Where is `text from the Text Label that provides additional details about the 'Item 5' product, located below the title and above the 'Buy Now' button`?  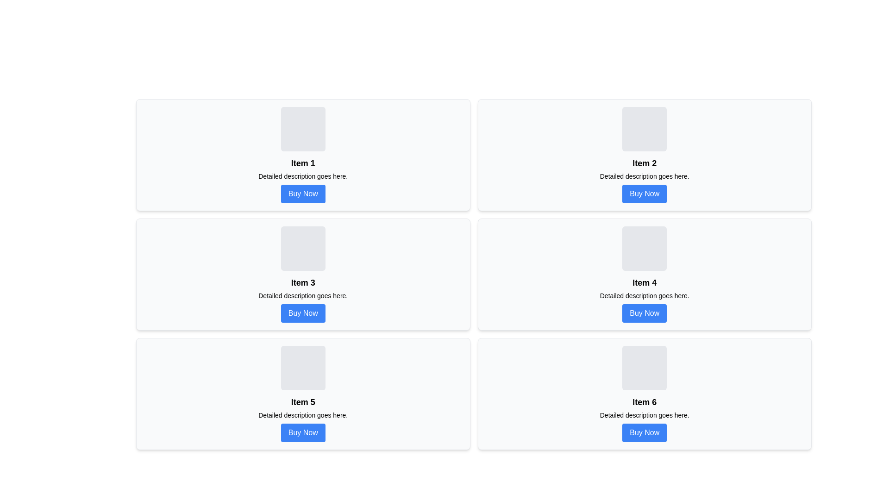
text from the Text Label that provides additional details about the 'Item 5' product, located below the title and above the 'Buy Now' button is located at coordinates (303, 415).